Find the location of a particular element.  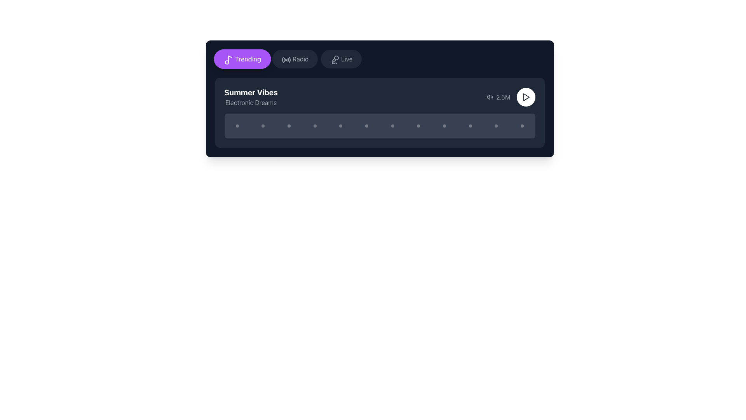

the 'Live' text label within the interactive button in the navigation row is located at coordinates (346, 58).